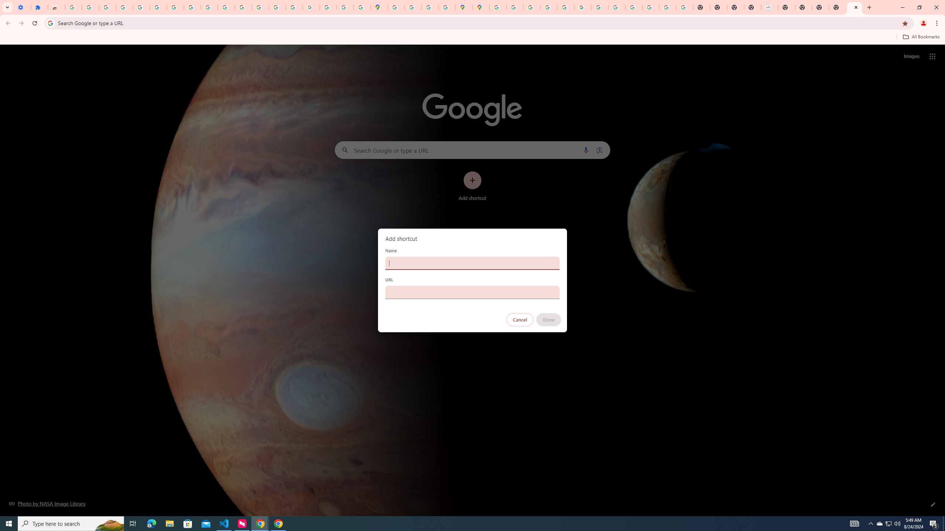 Image resolution: width=945 pixels, height=531 pixels. Describe the element at coordinates (124, 7) in the screenshot. I see `'Learn how to find your photos - Google Photos Help'` at that location.